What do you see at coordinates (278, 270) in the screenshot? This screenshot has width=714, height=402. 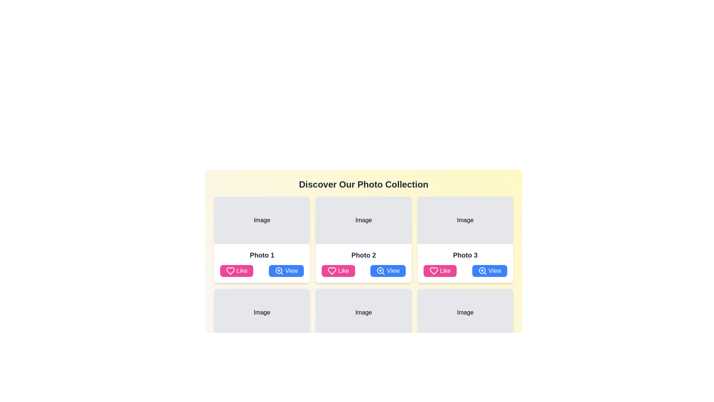 I see `the small circular SVG element styled as part of the magnifying glass icon, located within the blue 'View' button under 'Photo 1' in the 'Photo Collection' row` at bounding box center [278, 270].